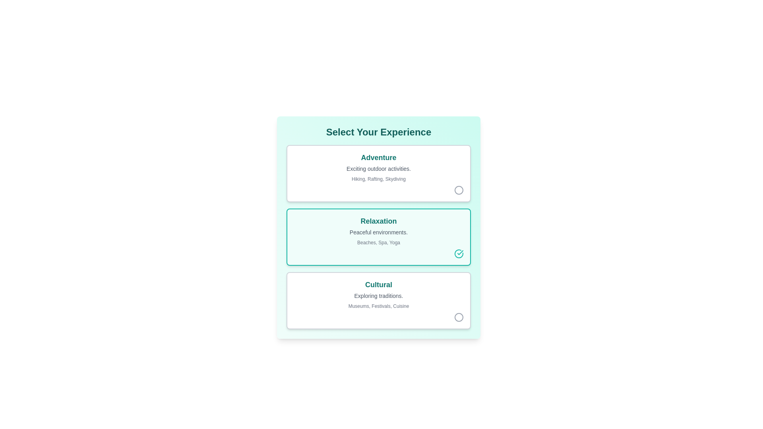 Image resolution: width=763 pixels, height=429 pixels. What do you see at coordinates (378, 221) in the screenshot?
I see `the 'Relaxation' text element displayed in bold teal font, located at the top of the second card labeled 'Relaxation.'` at bounding box center [378, 221].